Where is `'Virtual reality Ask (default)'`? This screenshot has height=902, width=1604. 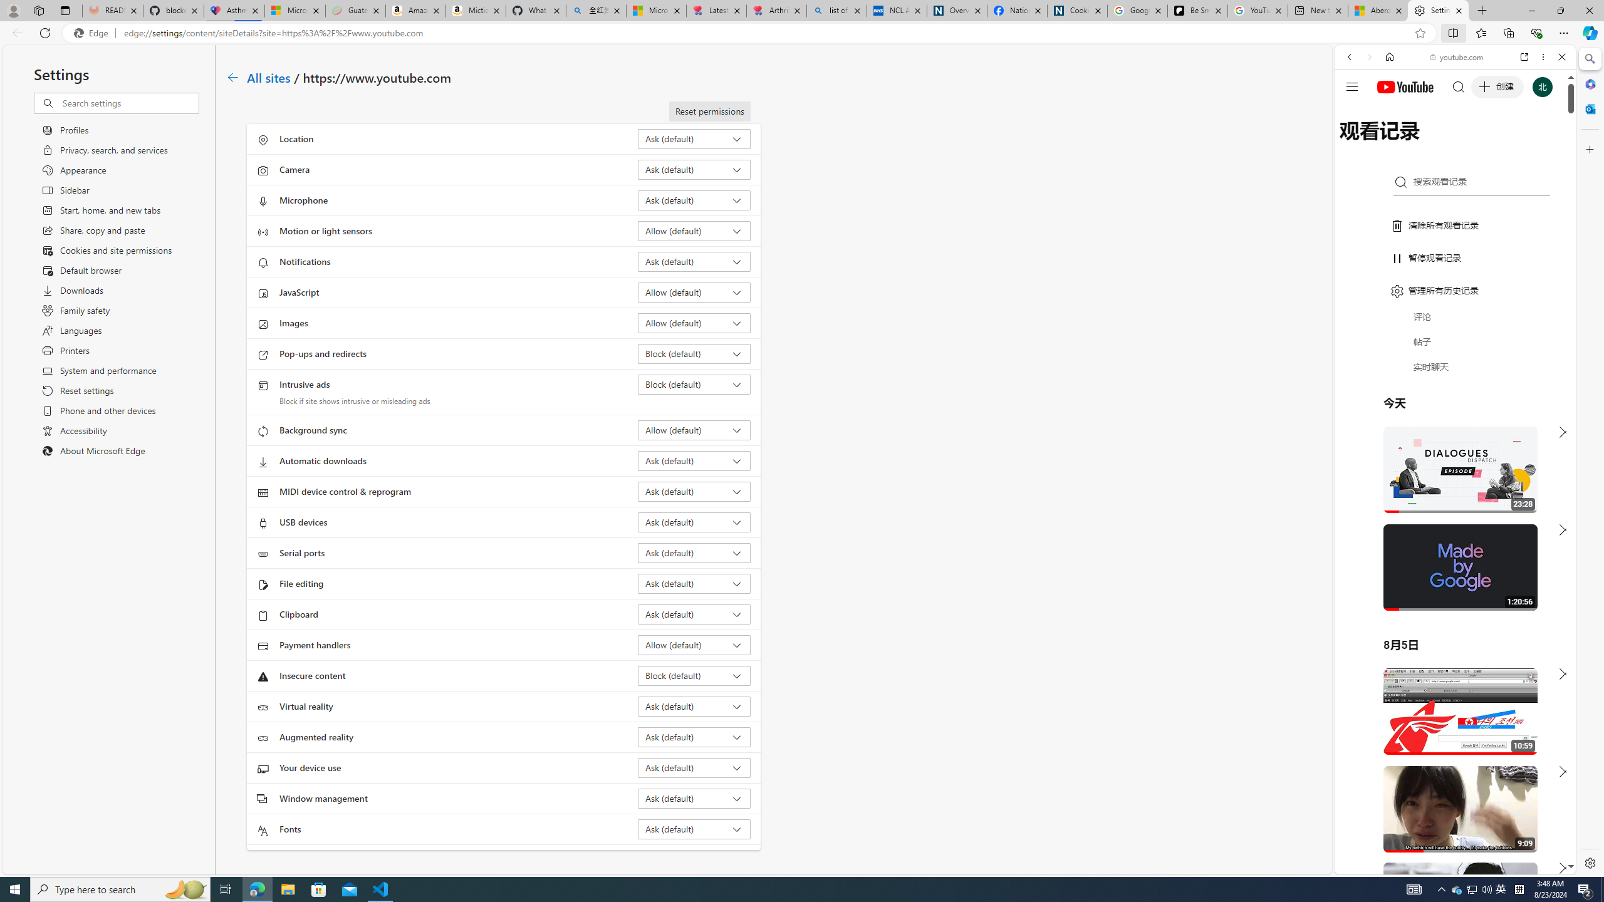 'Virtual reality Ask (default)' is located at coordinates (694, 705).